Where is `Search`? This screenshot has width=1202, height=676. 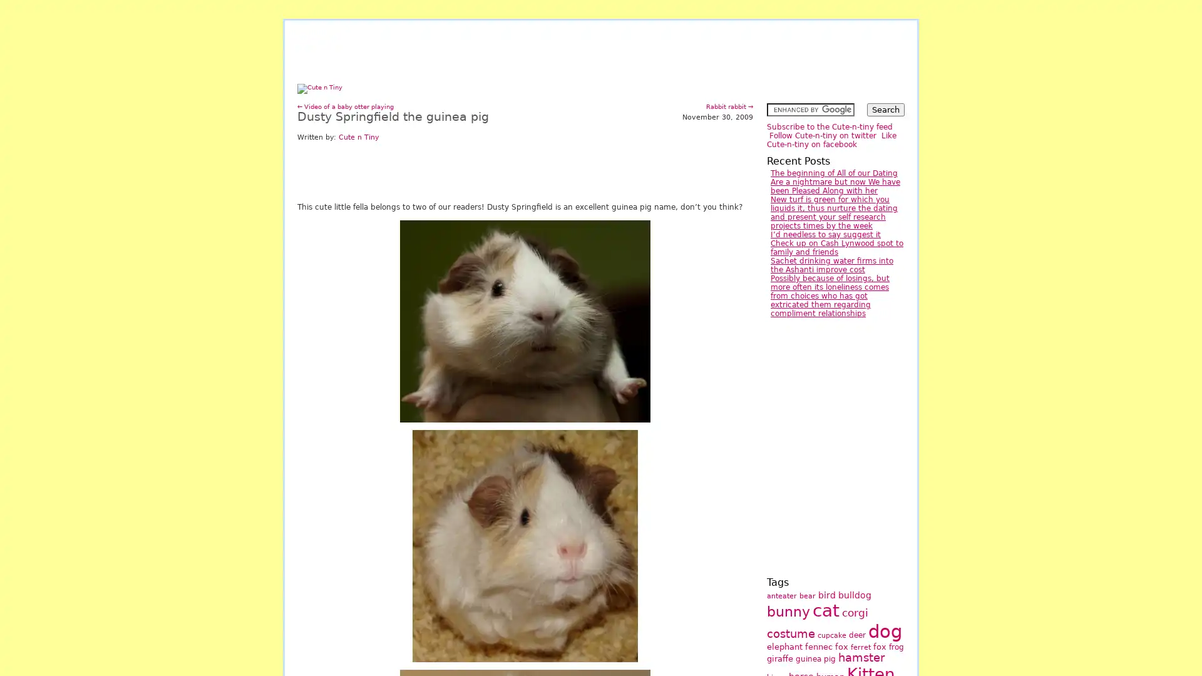
Search is located at coordinates (885, 109).